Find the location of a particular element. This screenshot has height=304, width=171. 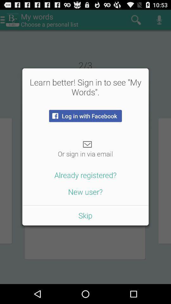

new user? is located at coordinates (85, 191).